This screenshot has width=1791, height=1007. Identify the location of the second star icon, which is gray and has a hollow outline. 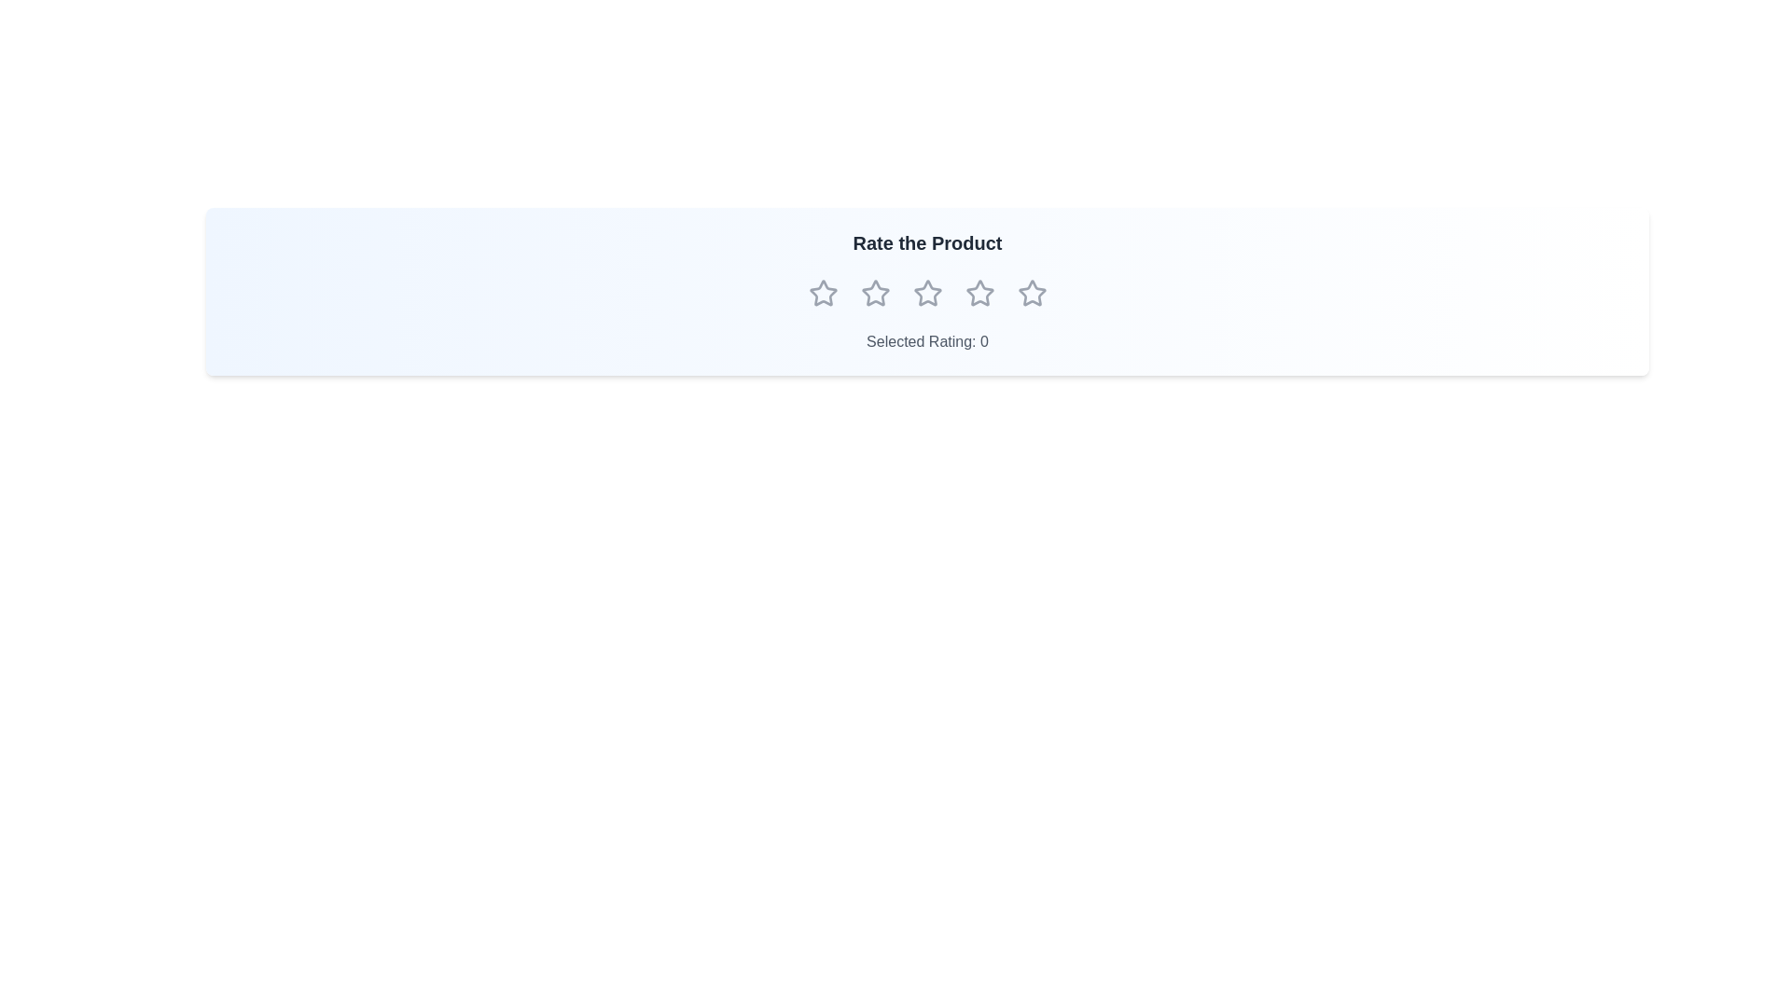
(874, 294).